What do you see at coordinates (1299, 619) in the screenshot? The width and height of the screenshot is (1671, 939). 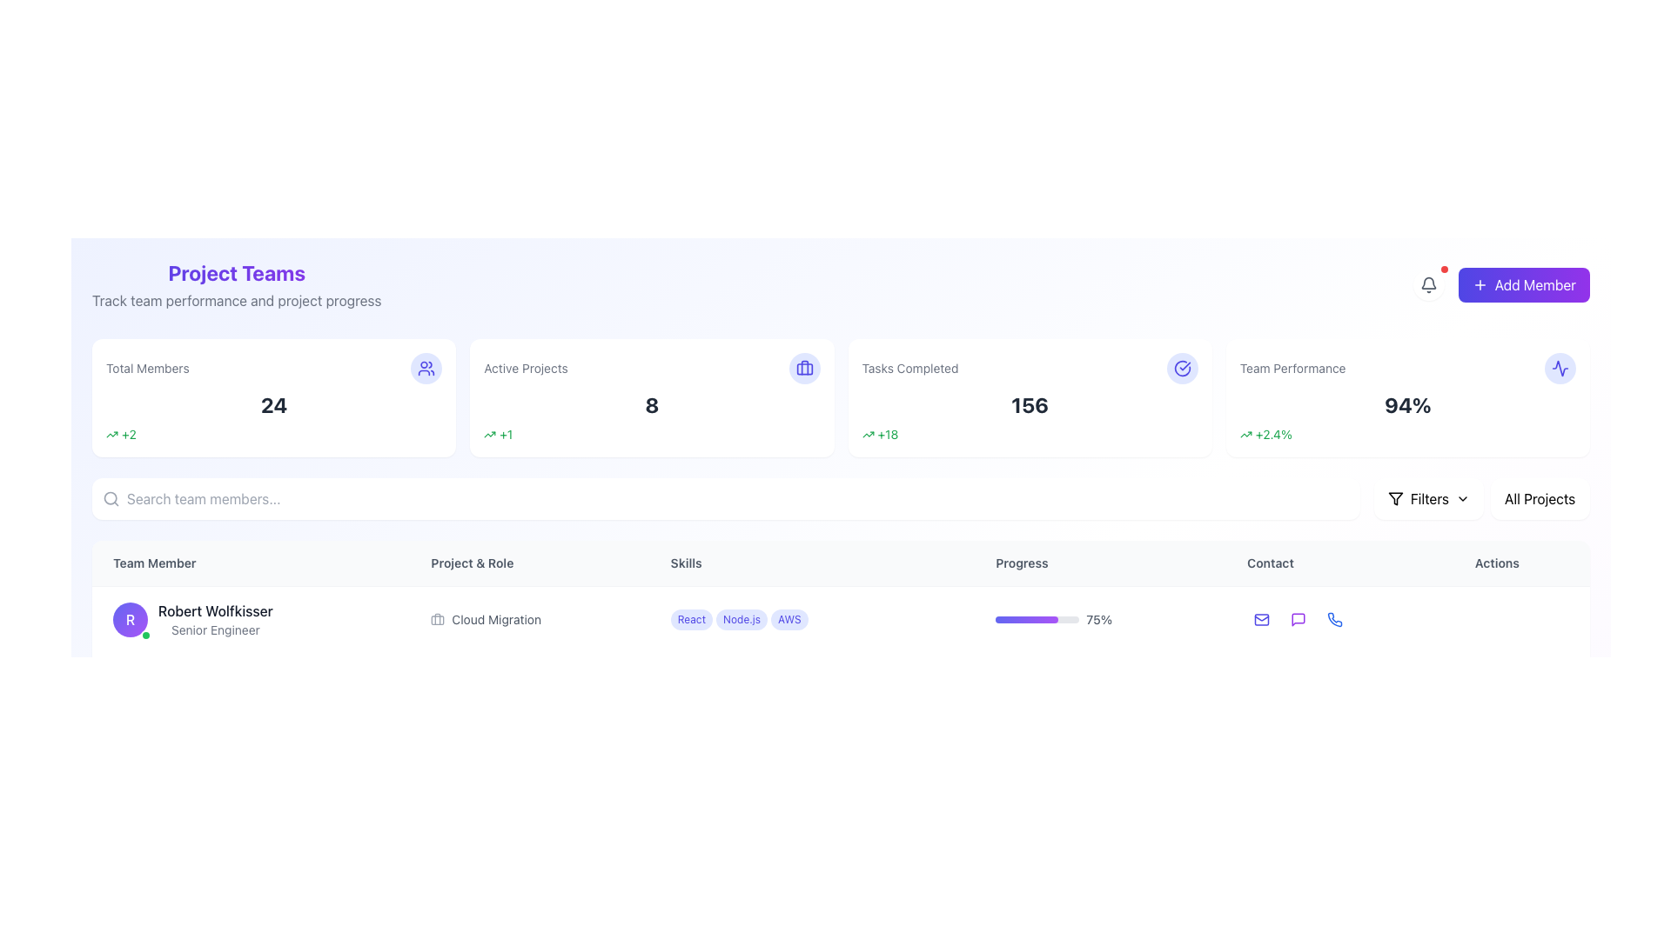 I see `the messaging/chat icon button, which is a square-shaped speech bubble with a purple outline, located in the 'Contact' column next to Robert Wolfkisser` at bounding box center [1299, 619].